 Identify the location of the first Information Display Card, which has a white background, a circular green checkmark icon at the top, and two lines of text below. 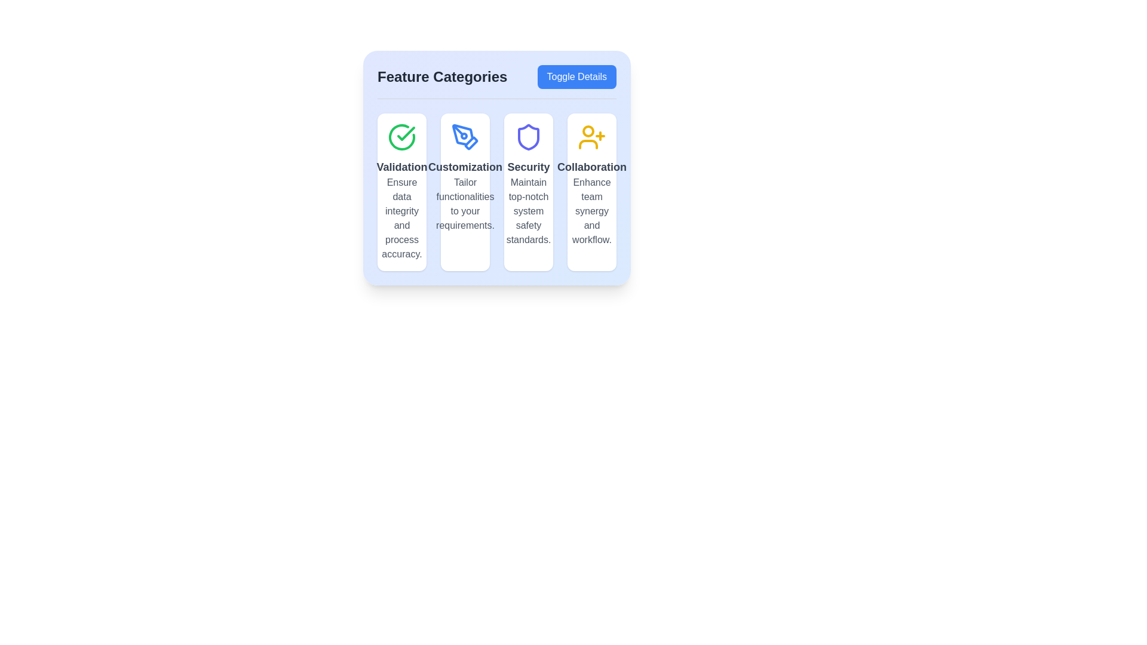
(401, 191).